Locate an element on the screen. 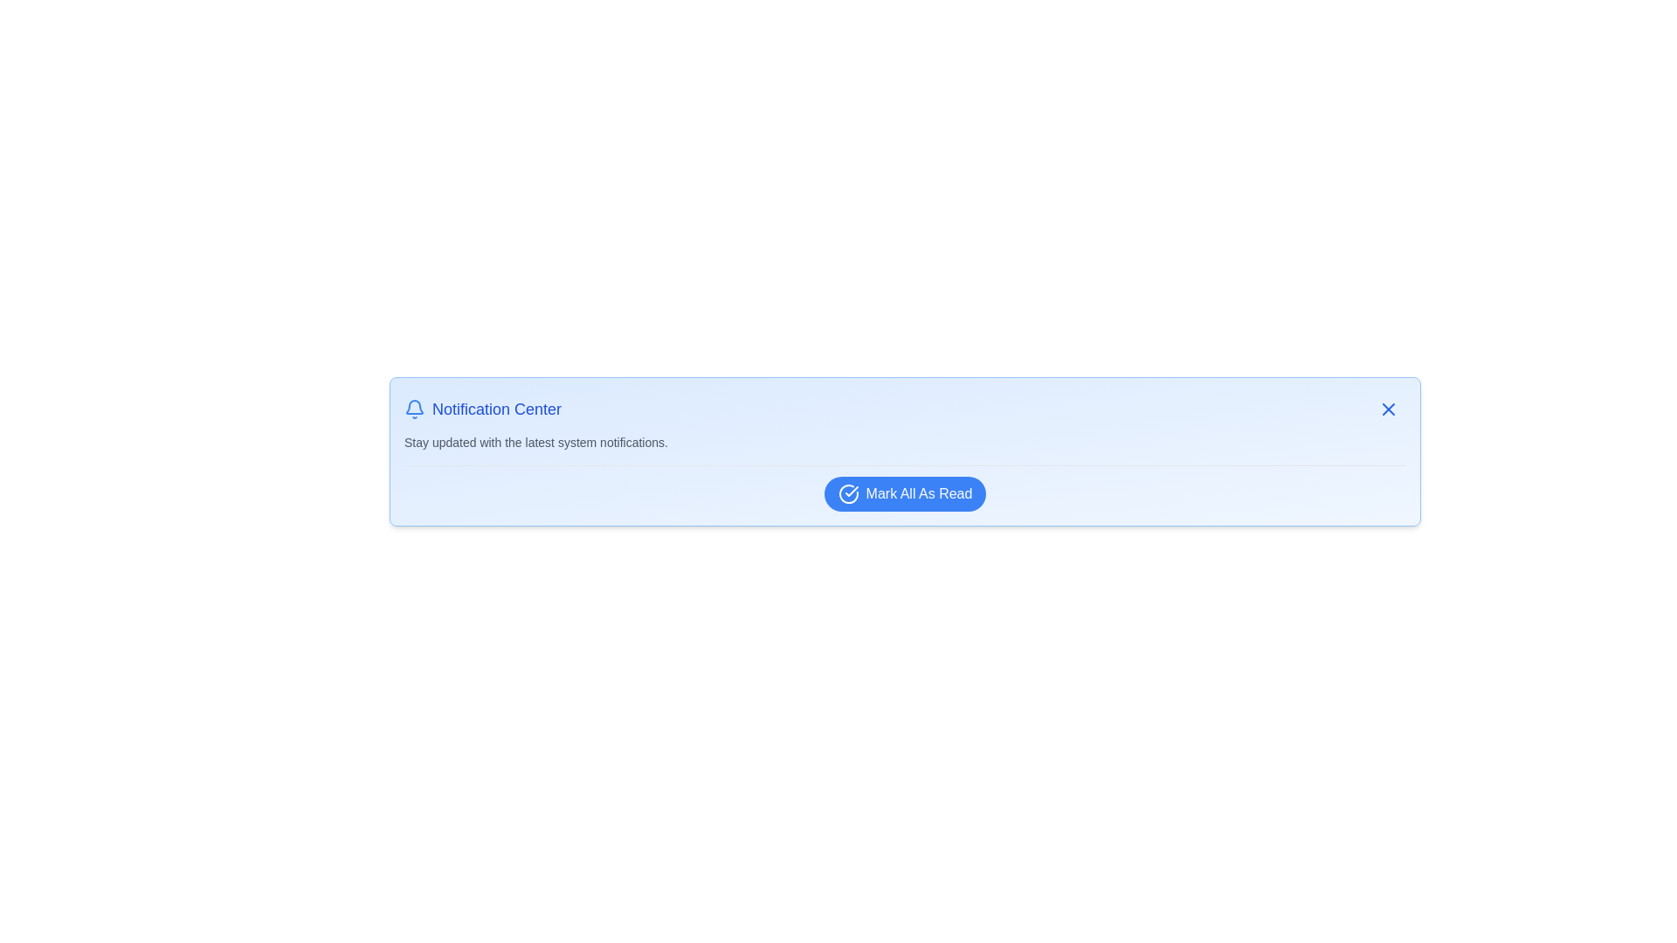  the bell icon which indicates notifications and is located to the left of the 'Notification Center' text in the notification card is located at coordinates (414, 410).